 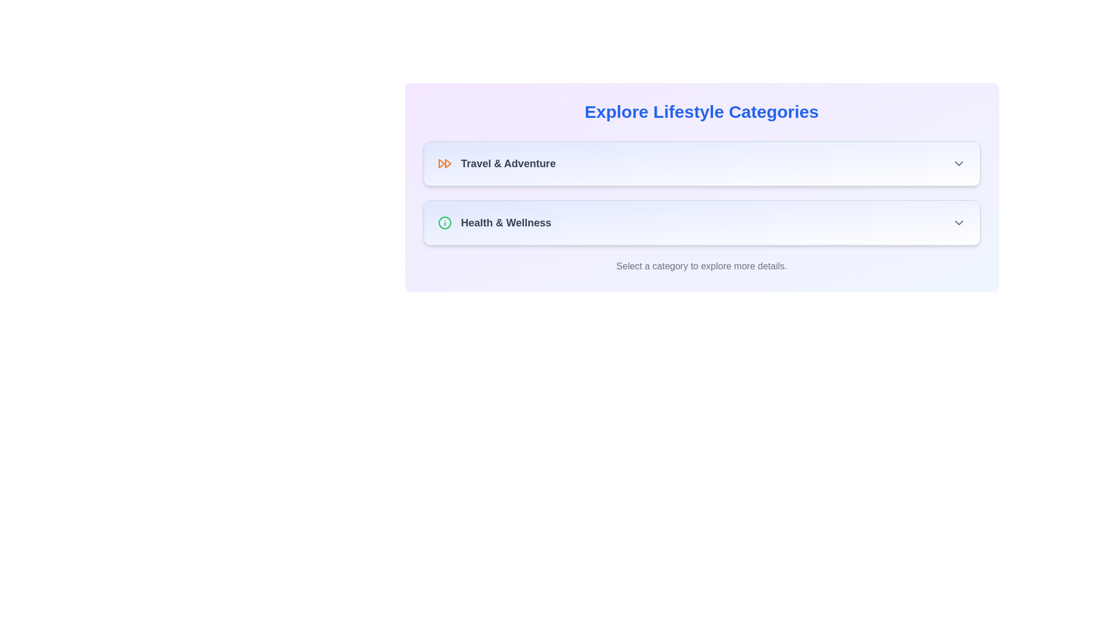 What do you see at coordinates (494, 223) in the screenshot?
I see `the 'Health & Wellness' label with the green circular icon containing an 'i' on its left side, which is the second item in the list below 'Travel & Adventure'` at bounding box center [494, 223].